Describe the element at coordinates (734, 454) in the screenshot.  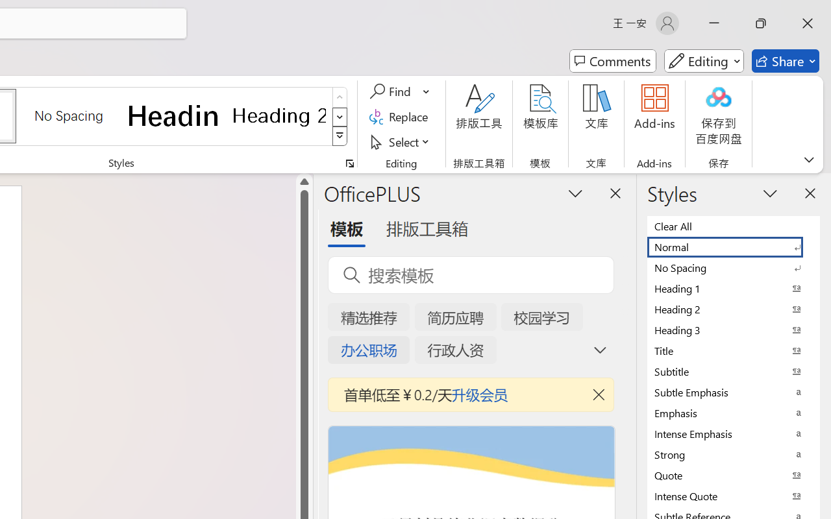
I see `'Strong'` at that location.